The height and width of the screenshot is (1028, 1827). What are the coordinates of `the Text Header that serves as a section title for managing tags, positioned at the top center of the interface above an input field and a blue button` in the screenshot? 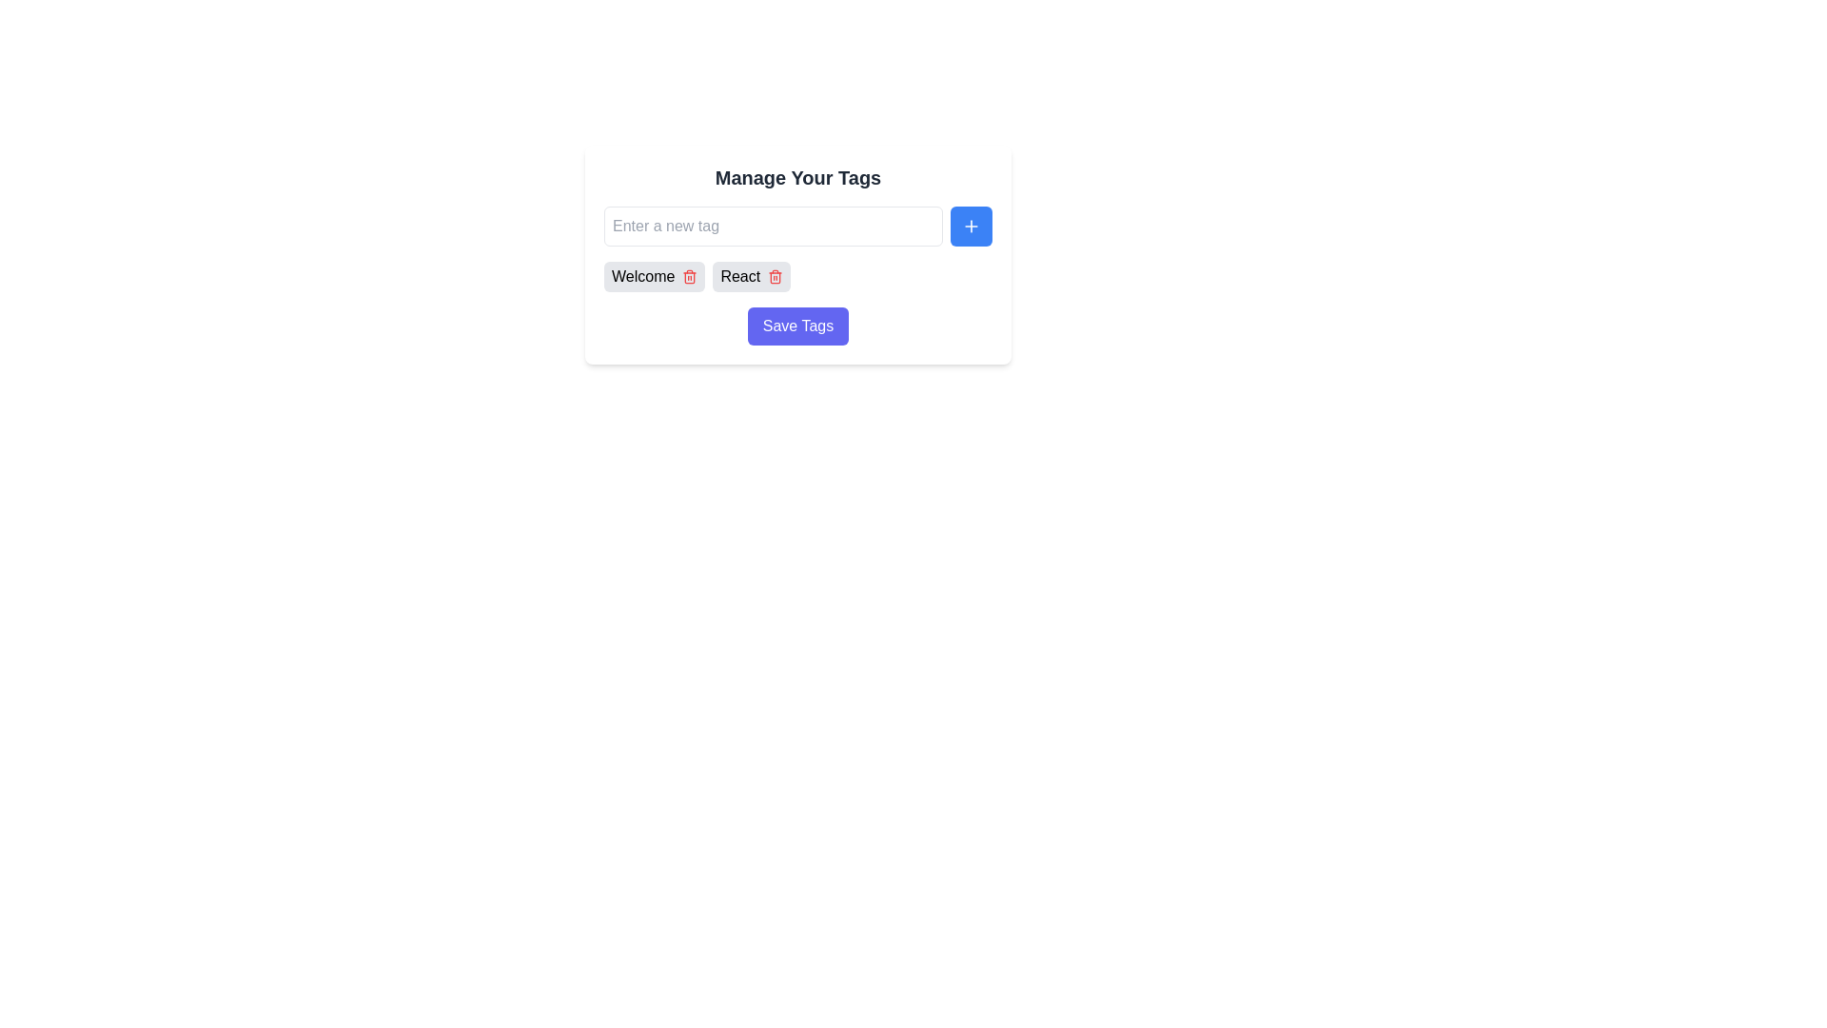 It's located at (798, 177).